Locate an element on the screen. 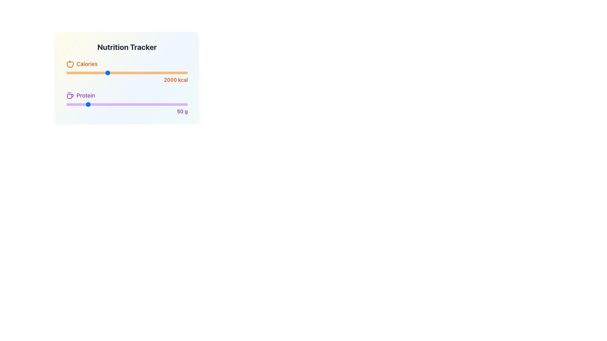 The height and width of the screenshot is (341, 607). protein quantity is located at coordinates (80, 104).